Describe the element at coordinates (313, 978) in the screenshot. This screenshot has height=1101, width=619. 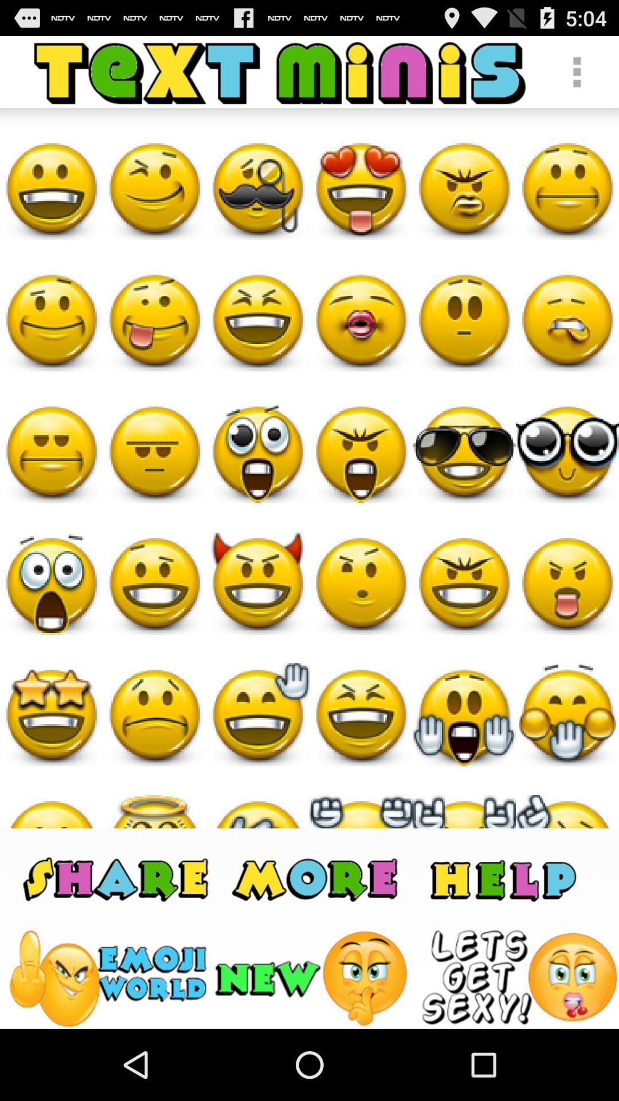
I see `new emojis` at that location.